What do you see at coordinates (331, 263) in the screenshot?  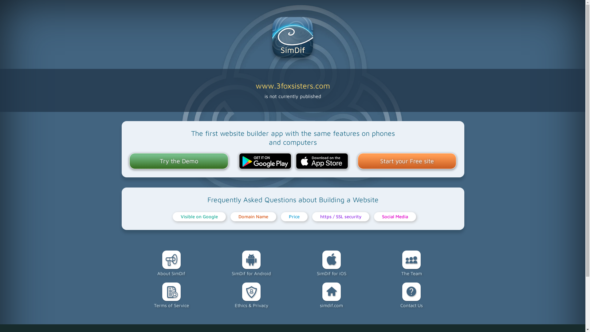 I see `'SimDif for iOS'` at bounding box center [331, 263].